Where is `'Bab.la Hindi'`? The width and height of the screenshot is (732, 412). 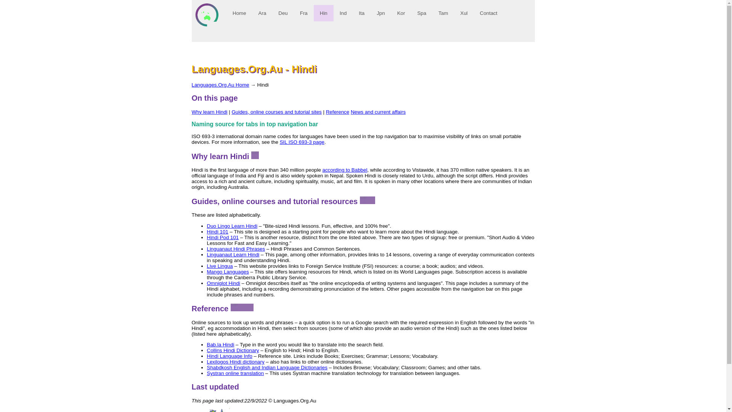 'Bab.la Hindi' is located at coordinates (220, 344).